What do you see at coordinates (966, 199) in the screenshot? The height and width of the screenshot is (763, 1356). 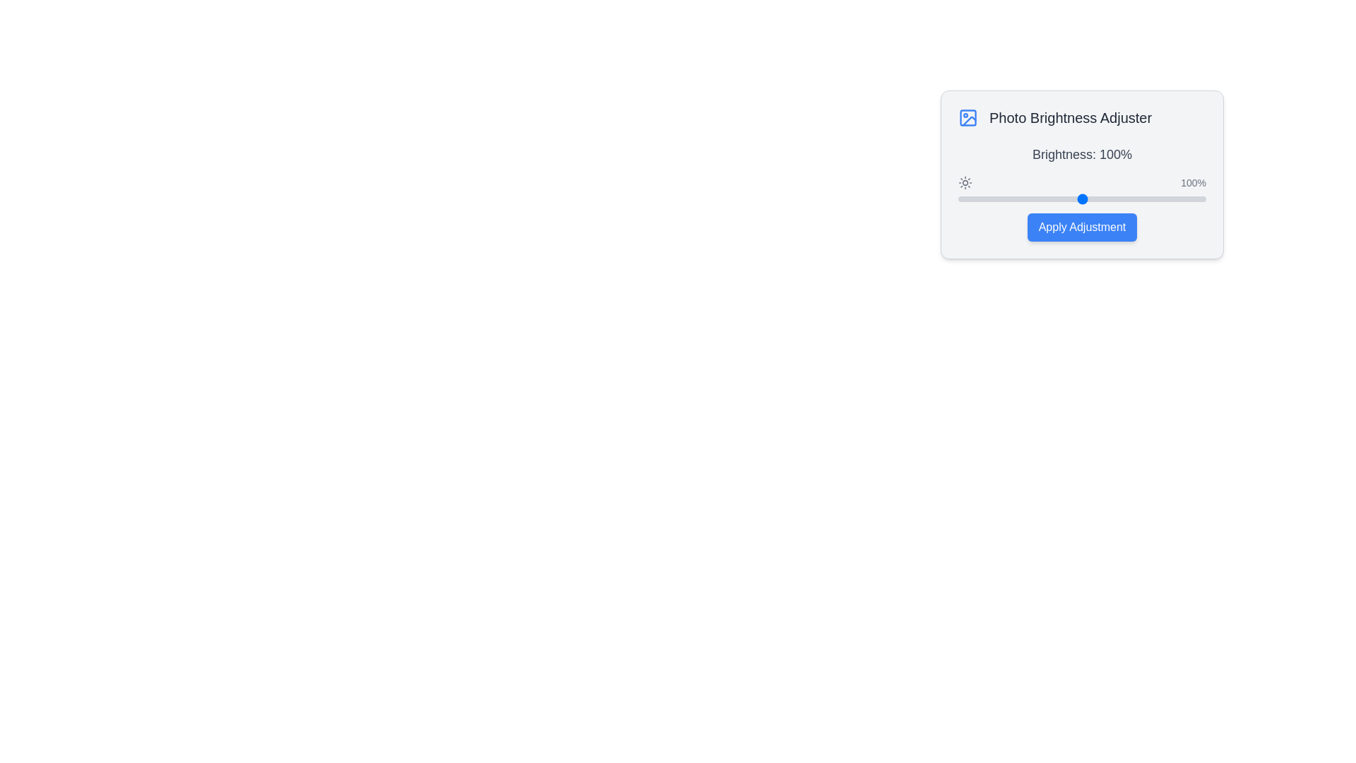 I see `the brightness slider to 7` at bounding box center [966, 199].